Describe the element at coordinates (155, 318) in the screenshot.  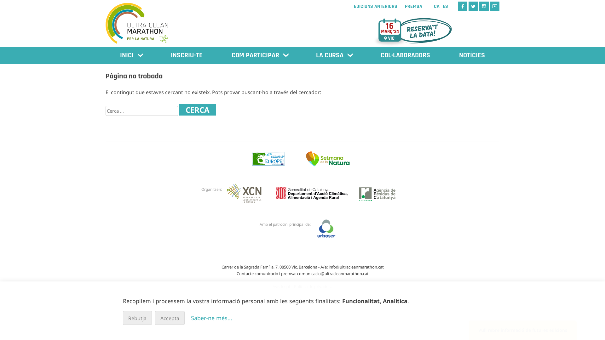
I see `'Accepta'` at that location.